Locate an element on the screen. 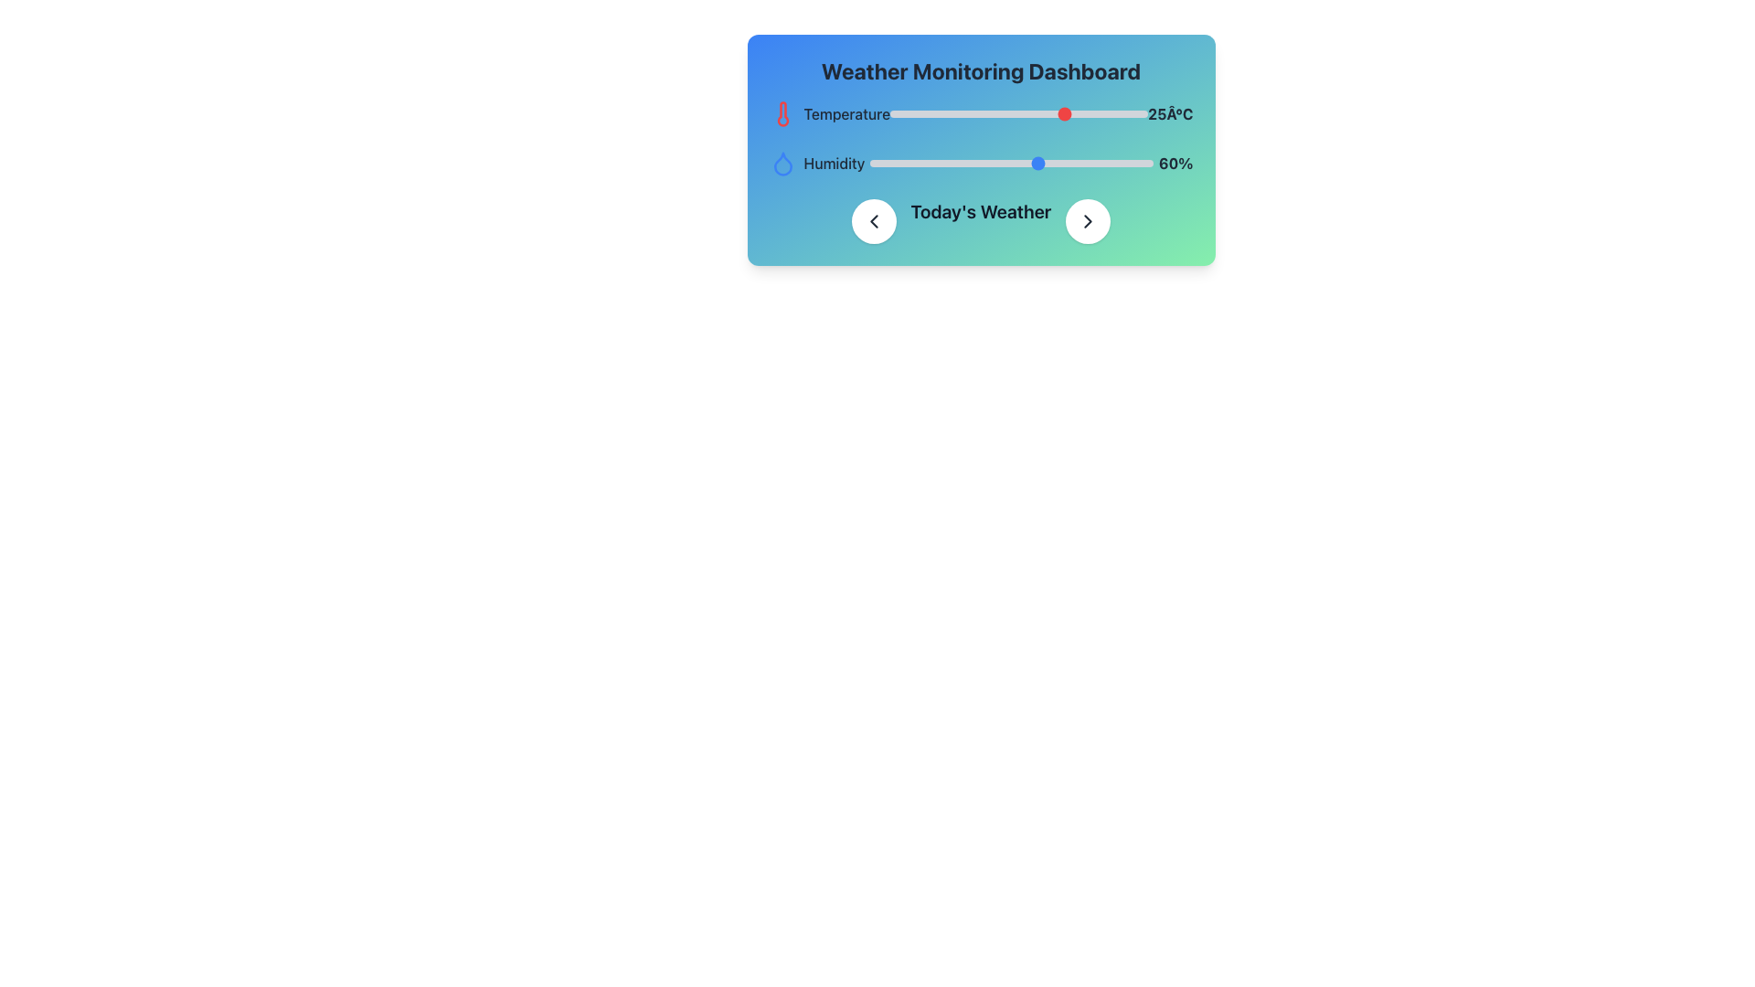 This screenshot has height=987, width=1755. the right-pointing chevron button located inside a circular button is located at coordinates (1088, 220).